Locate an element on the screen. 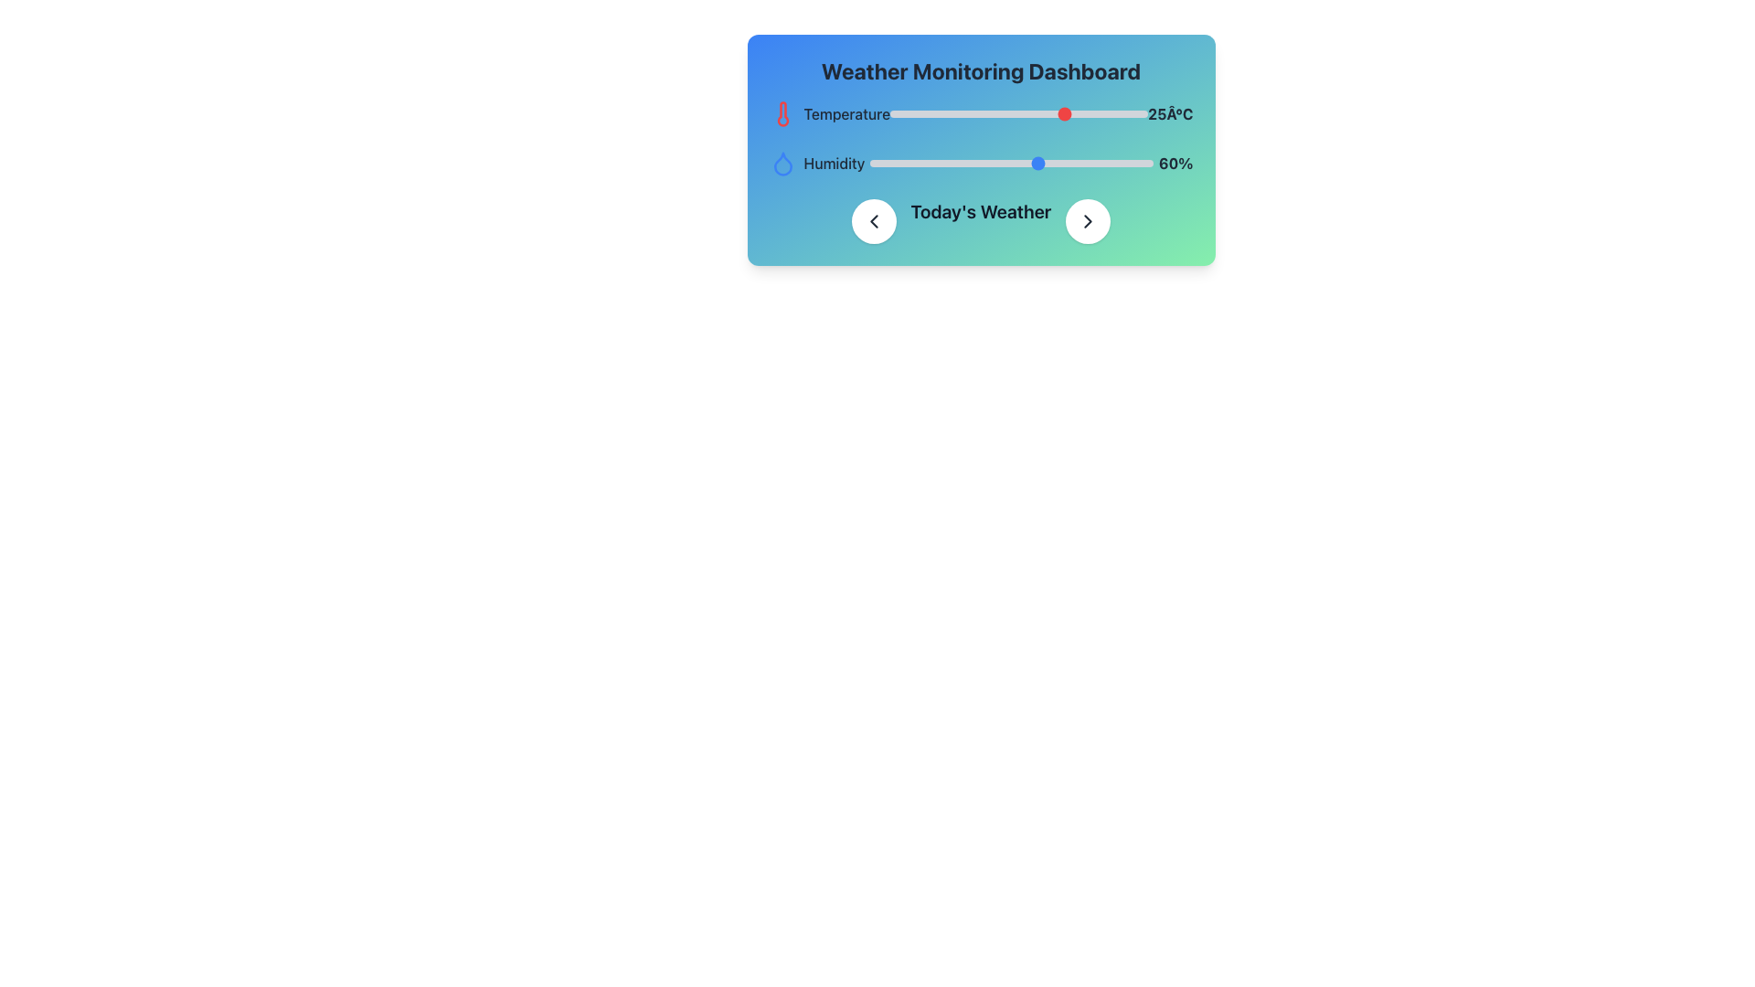 This screenshot has height=987, width=1755. the right-pointing chevron button located inside a circular button is located at coordinates (1088, 220).